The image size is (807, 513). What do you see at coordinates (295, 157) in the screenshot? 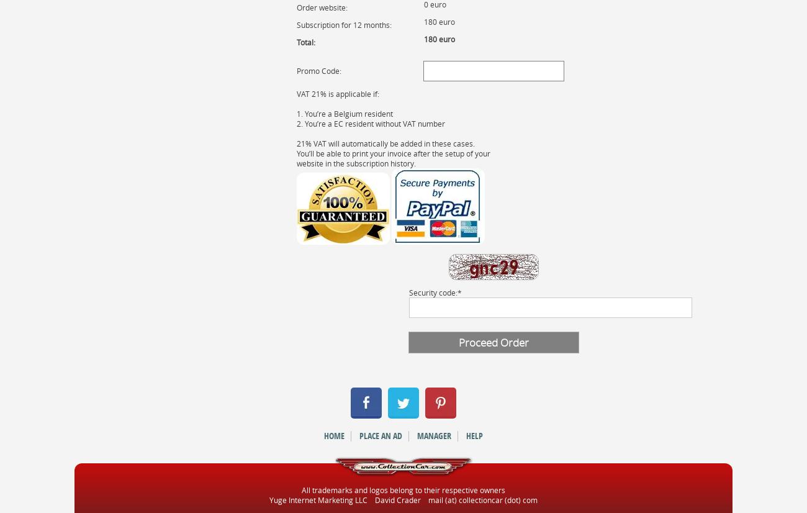
I see `'You’ll be able to print your invoice after the setup of your website in the subscription history.'` at bounding box center [295, 157].